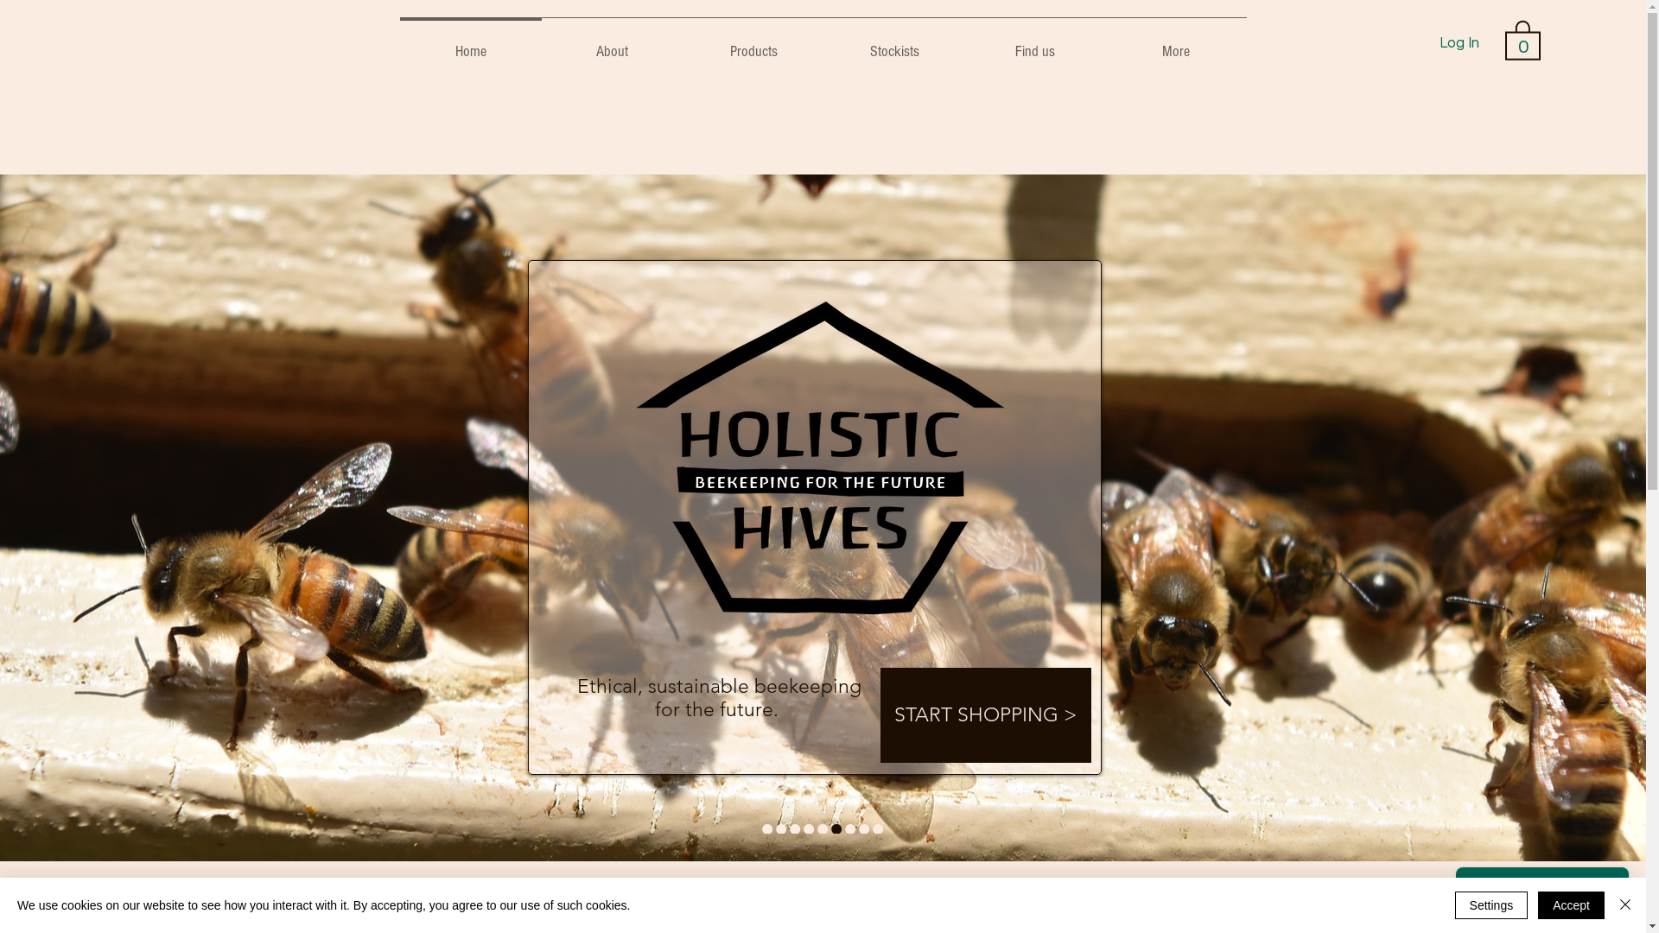 The width and height of the screenshot is (1659, 933). I want to click on 'Settings', so click(1491, 904).